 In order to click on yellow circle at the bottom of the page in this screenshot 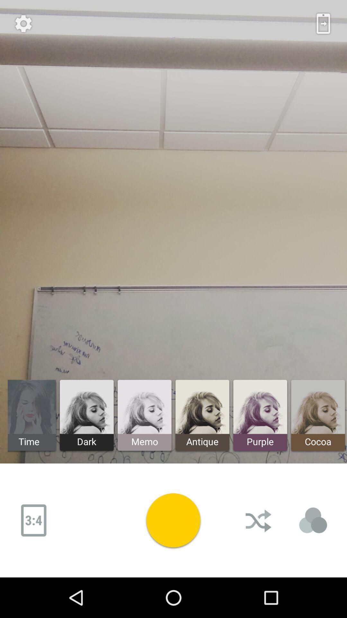, I will do `click(173, 520)`.